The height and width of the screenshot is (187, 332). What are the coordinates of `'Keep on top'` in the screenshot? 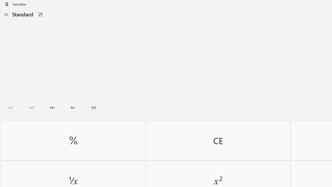 It's located at (40, 14).